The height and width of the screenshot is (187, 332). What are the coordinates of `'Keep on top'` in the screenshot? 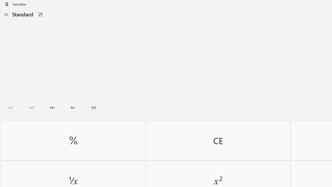 It's located at (40, 14).